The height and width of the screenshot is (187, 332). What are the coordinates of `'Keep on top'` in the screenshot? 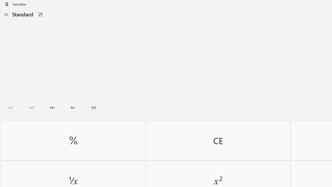 It's located at (40, 14).